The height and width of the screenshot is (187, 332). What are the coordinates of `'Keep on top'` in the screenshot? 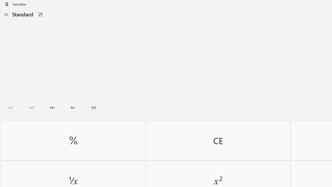 It's located at (40, 14).